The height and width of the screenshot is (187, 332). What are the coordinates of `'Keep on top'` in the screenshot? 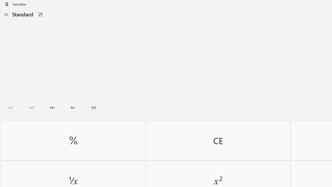 It's located at (40, 14).